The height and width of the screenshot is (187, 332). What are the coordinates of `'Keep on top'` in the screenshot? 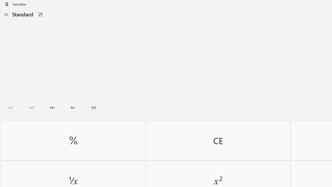 It's located at (40, 14).